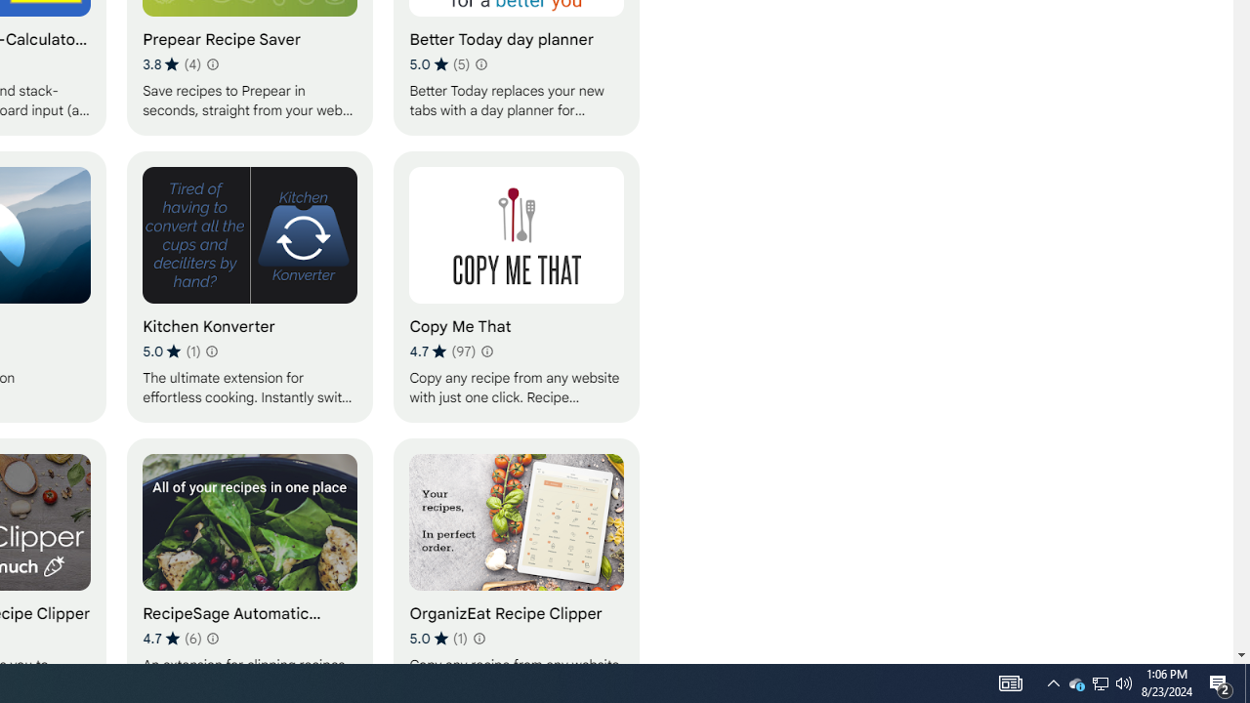 This screenshot has width=1250, height=703. I want to click on 'Average rating 4.7 out of 5 stars. 97 ratings.', so click(441, 351).